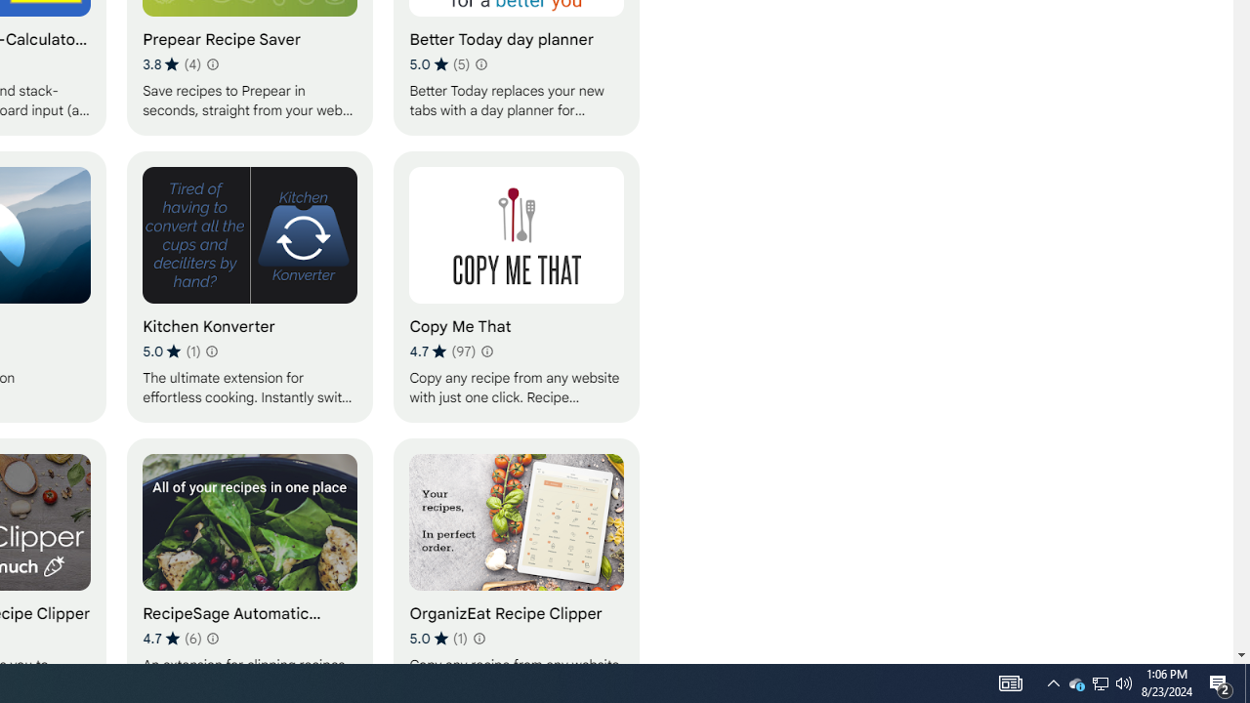 This screenshot has width=1250, height=703. I want to click on 'Average rating 4.7 out of 5 stars. 97 ratings.', so click(441, 351).